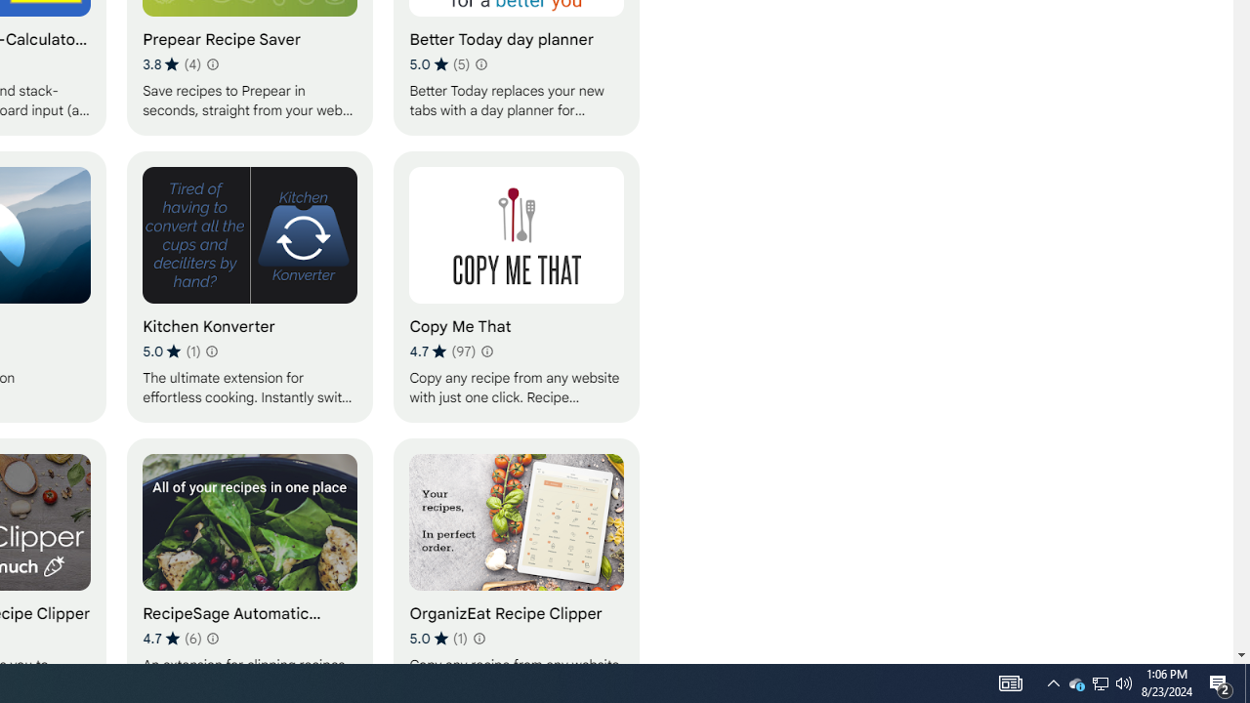 This screenshot has width=1250, height=703. I want to click on 'Average rating 4.7 out of 5 stars. 97 ratings.', so click(441, 351).